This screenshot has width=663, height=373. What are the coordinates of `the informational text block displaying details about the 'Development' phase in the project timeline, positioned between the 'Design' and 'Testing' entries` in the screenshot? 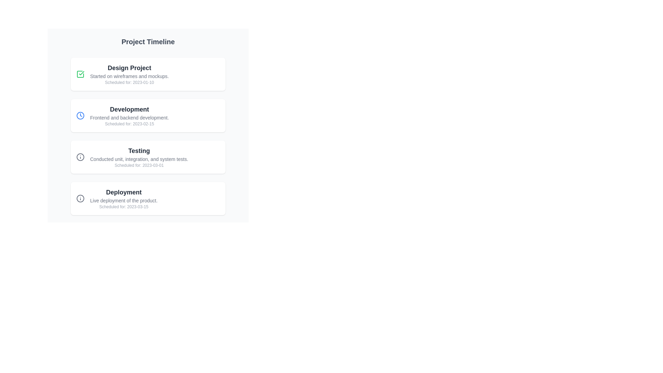 It's located at (129, 115).